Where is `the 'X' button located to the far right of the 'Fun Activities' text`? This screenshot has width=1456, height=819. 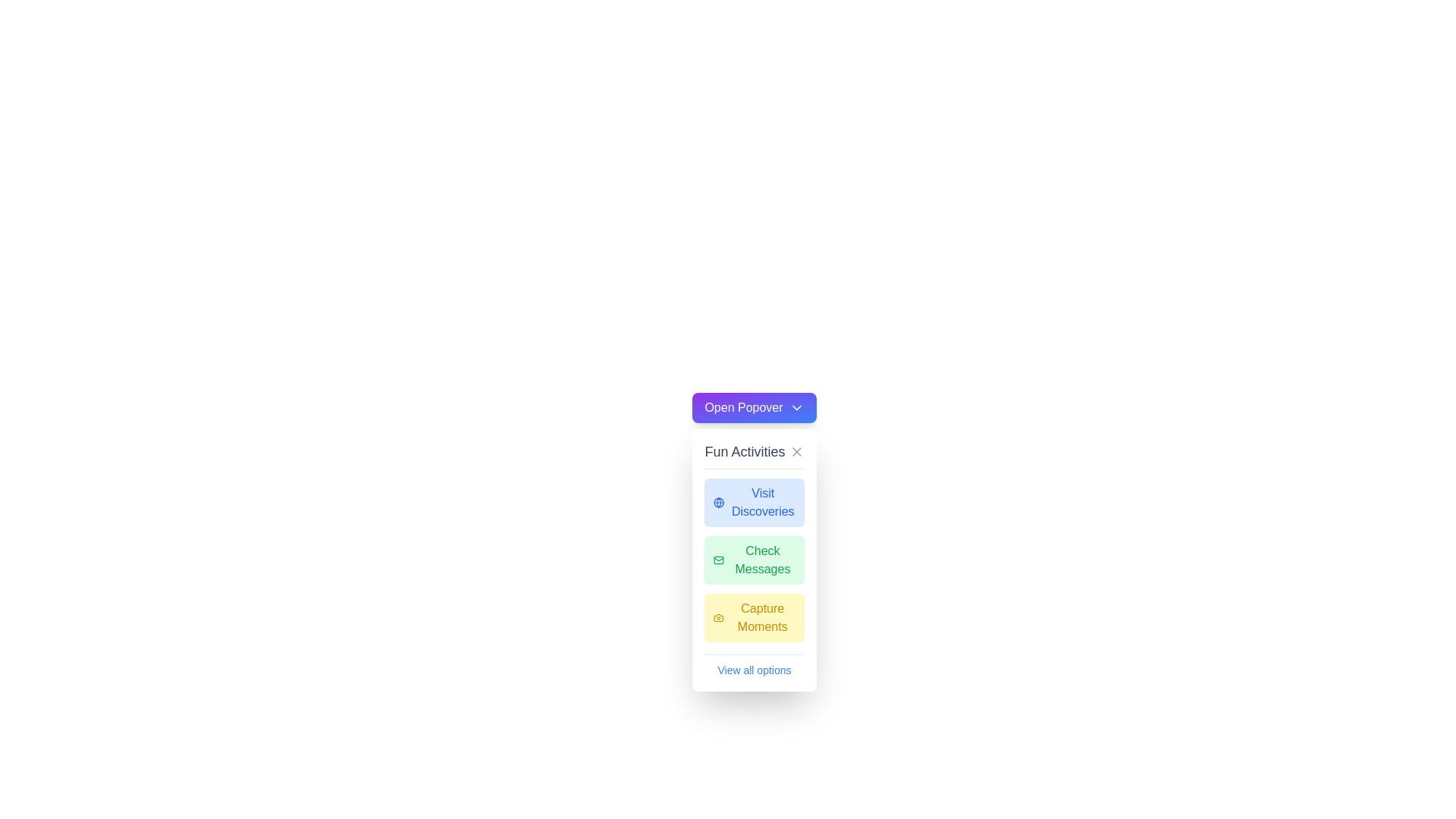
the 'X' button located to the far right of the 'Fun Activities' text is located at coordinates (795, 451).